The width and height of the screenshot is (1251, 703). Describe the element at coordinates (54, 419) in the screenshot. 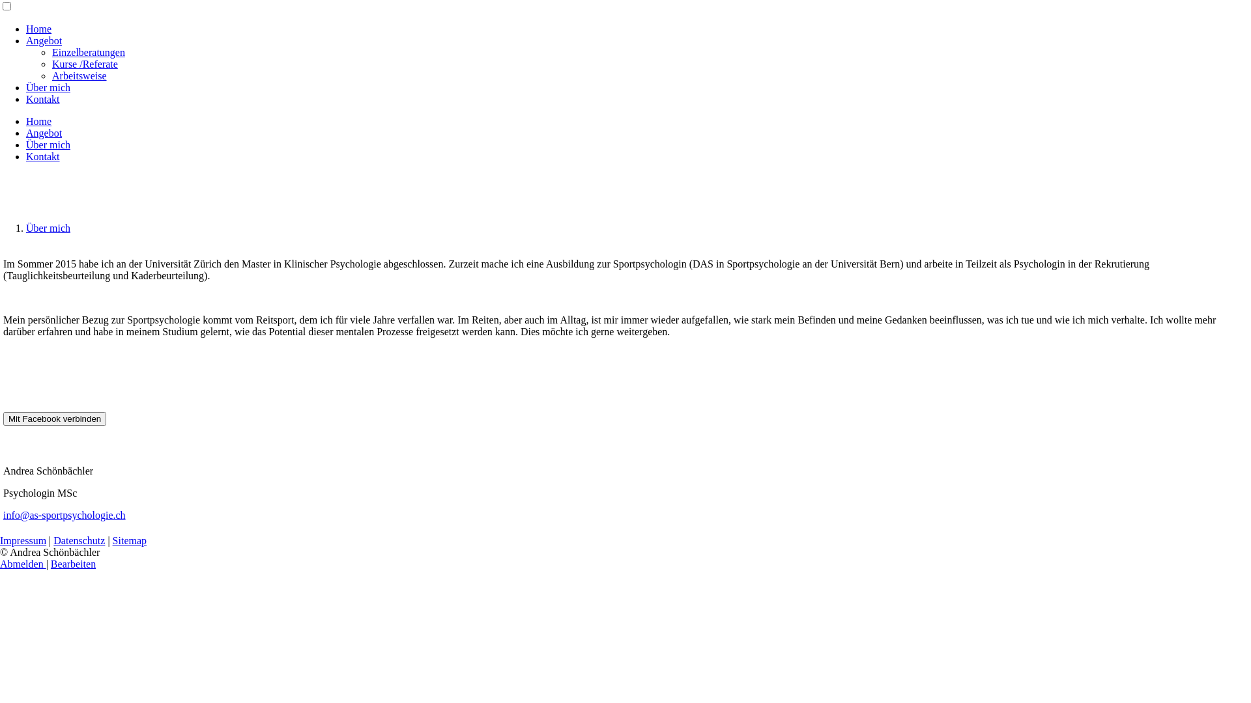

I see `'Mit Facebook verbinden'` at that location.